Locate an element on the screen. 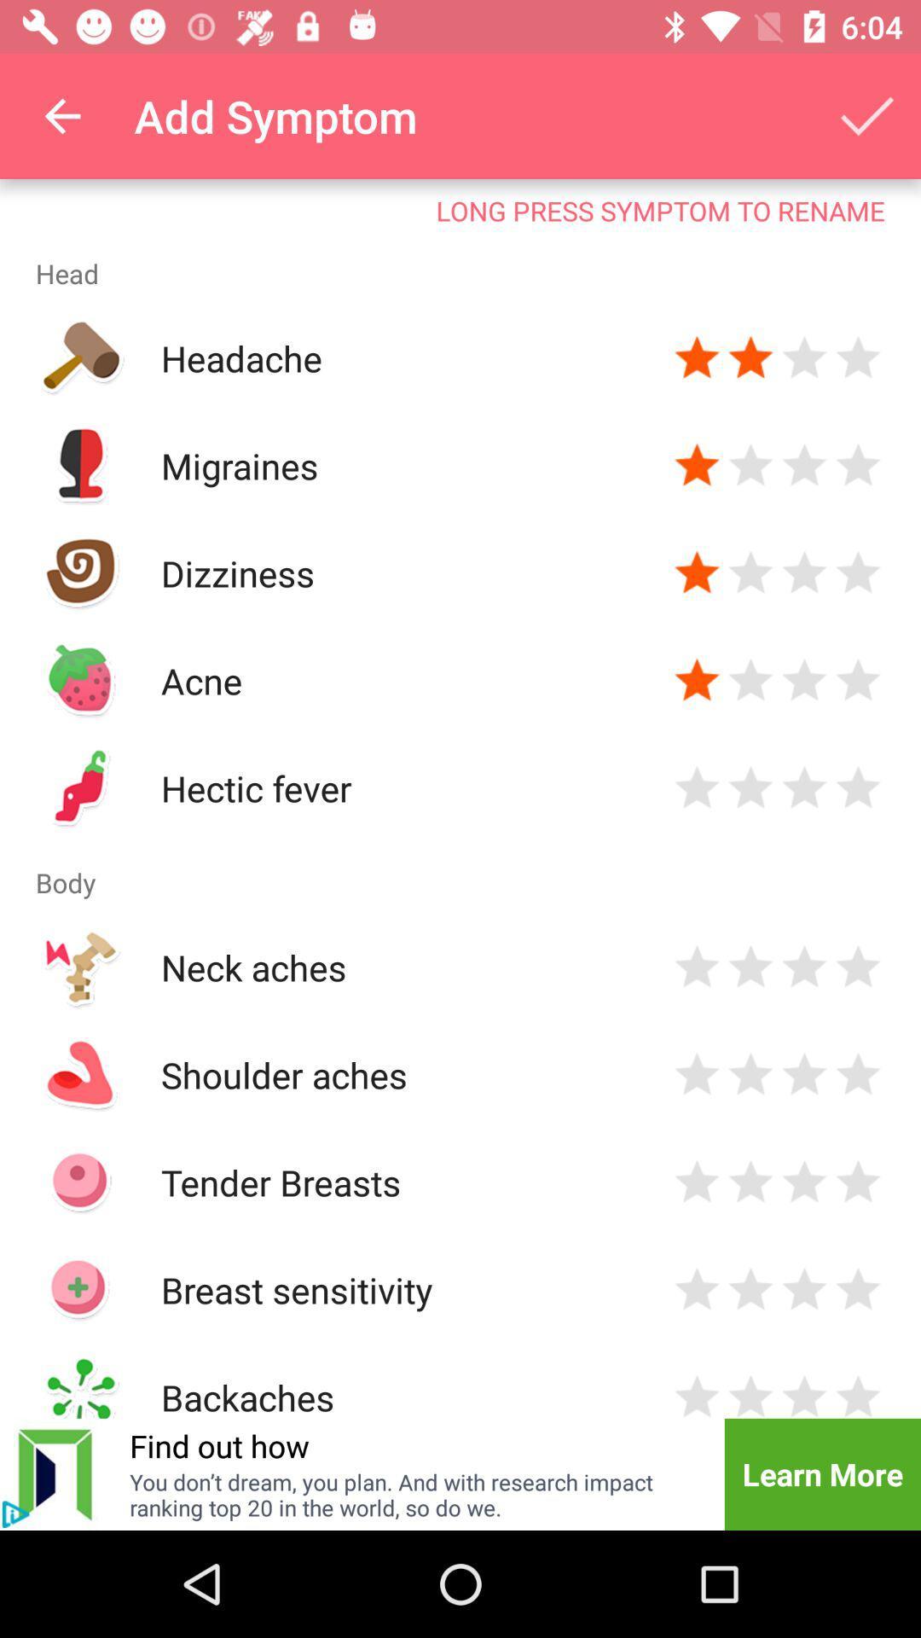 Image resolution: width=921 pixels, height=1638 pixels. give symptom in the row four stars is located at coordinates (858, 357).